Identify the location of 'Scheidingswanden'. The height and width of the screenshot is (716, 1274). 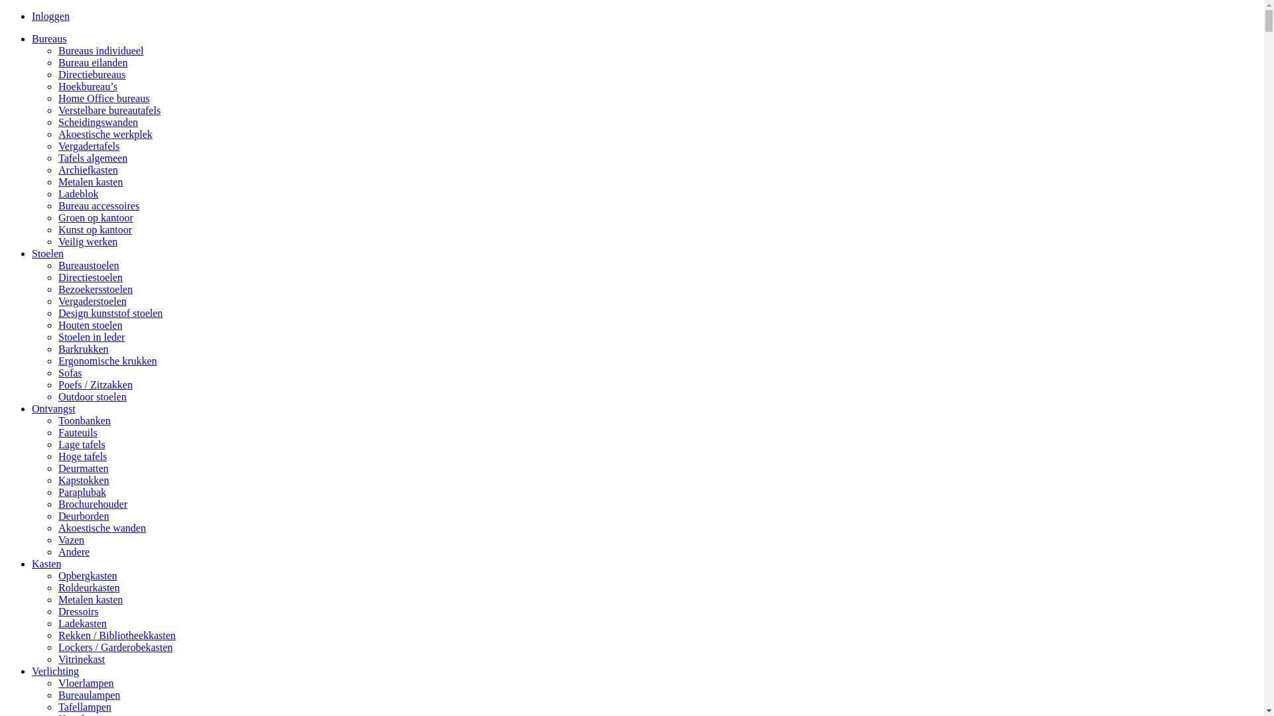
(98, 122).